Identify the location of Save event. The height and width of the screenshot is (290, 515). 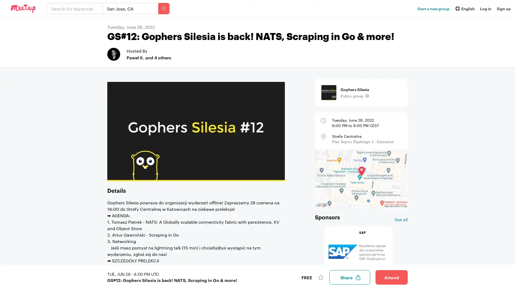
(321, 277).